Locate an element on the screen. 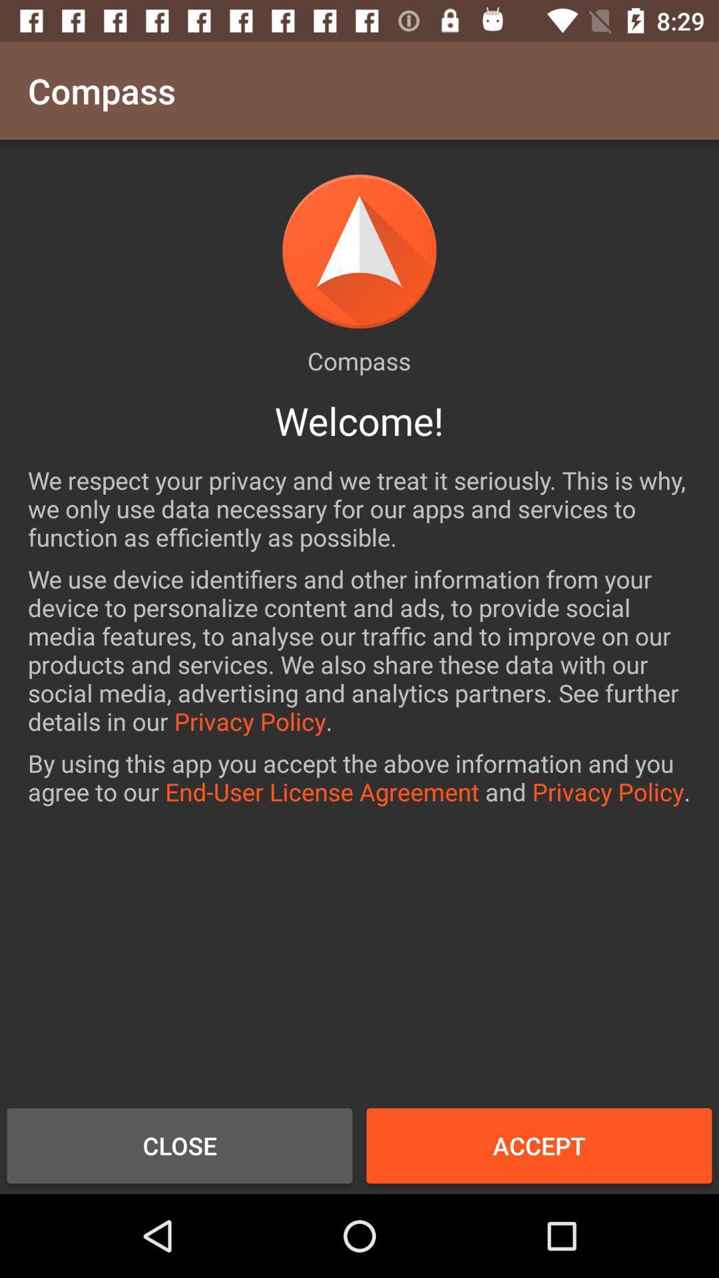 The height and width of the screenshot is (1278, 719). the icon below the we use device is located at coordinates (359, 777).